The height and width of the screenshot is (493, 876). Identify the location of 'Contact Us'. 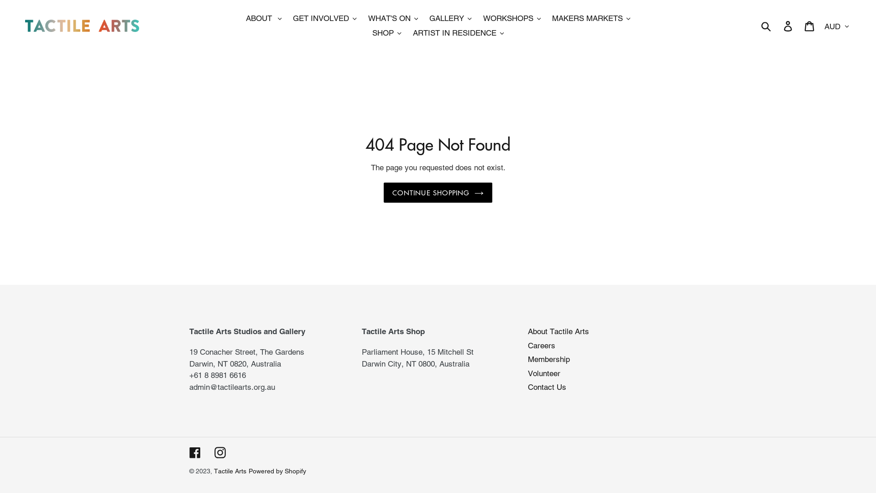
(547, 387).